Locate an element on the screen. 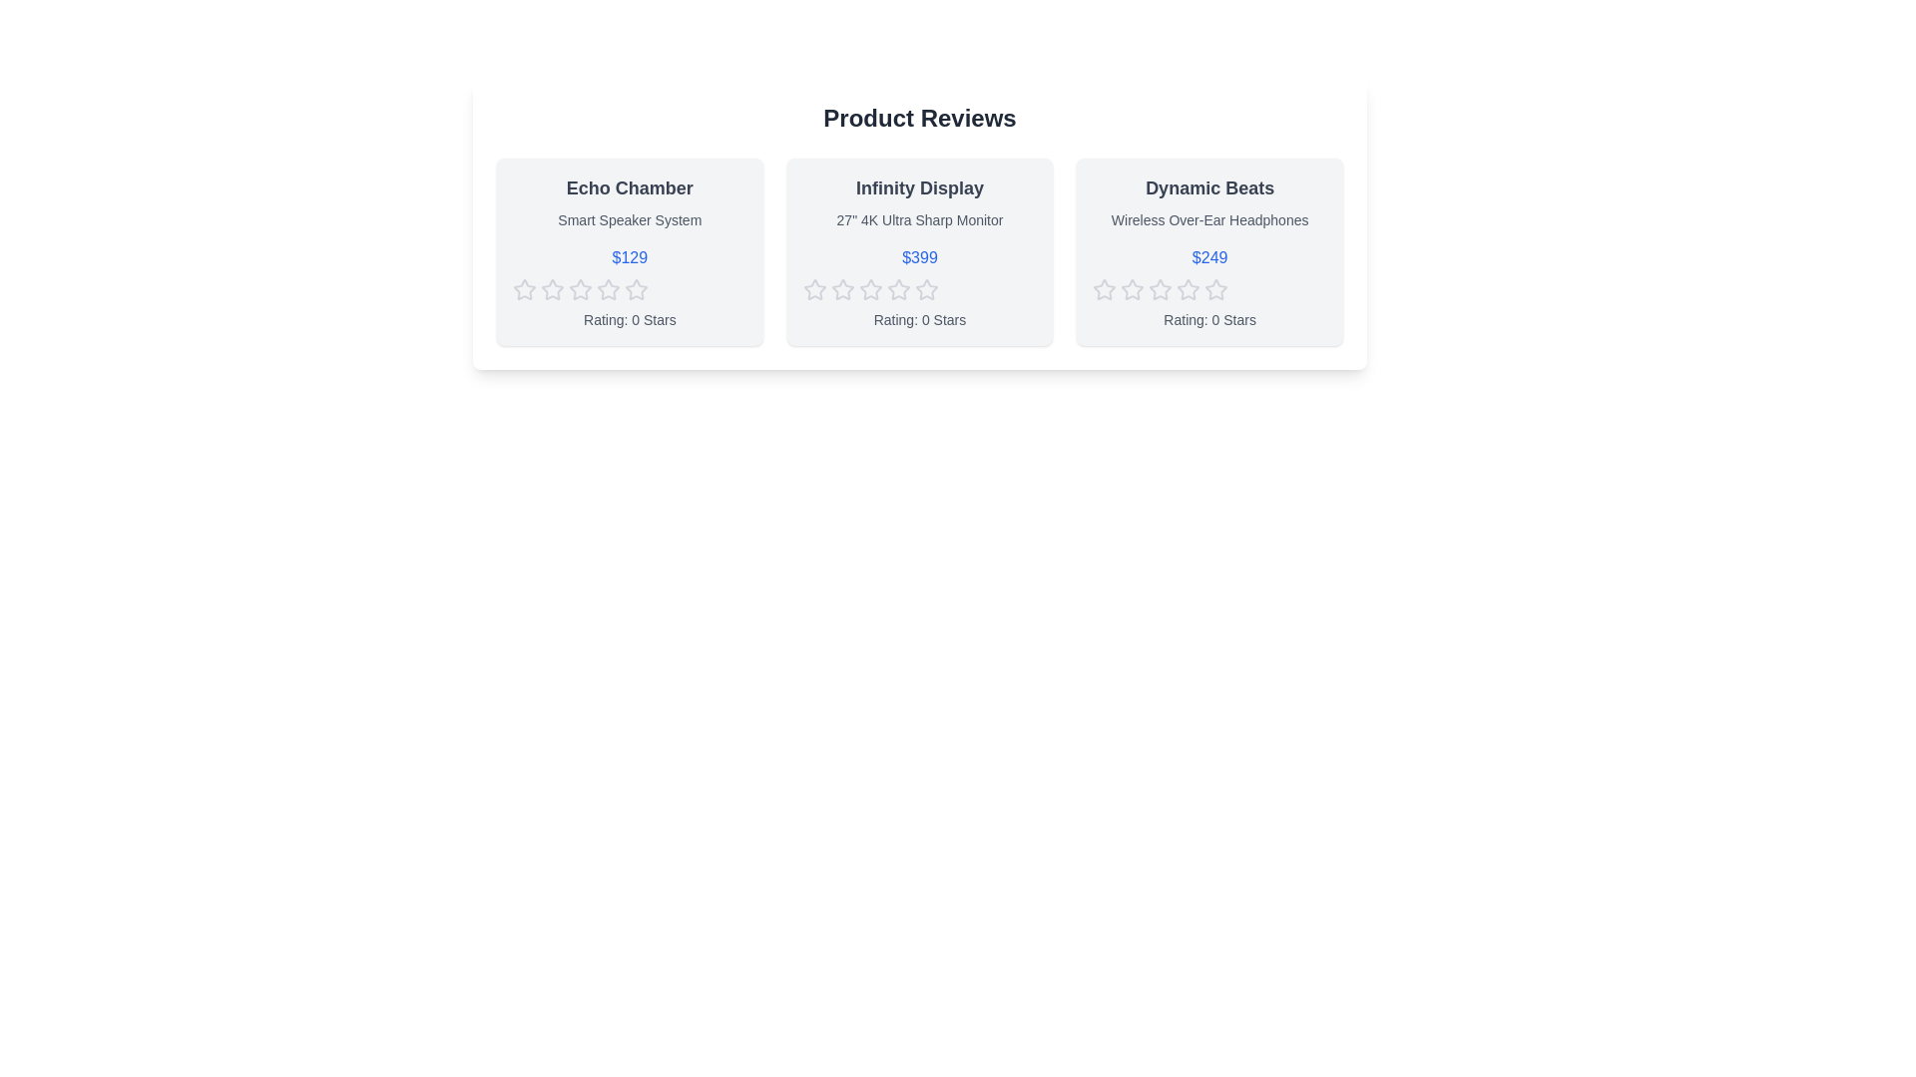  the second star icon, which is part of a rating system for the product 'Echo Chamber' priced at '$129' is located at coordinates (552, 289).